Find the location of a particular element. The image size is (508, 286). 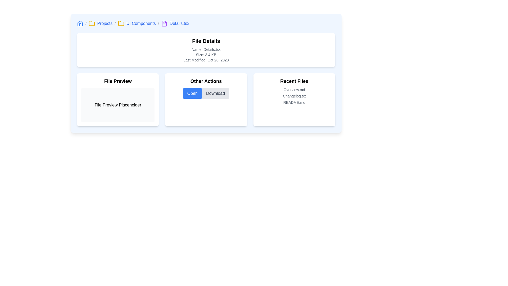

the small yellow folder icon in the breadcrumb navigation bar is located at coordinates (121, 23).